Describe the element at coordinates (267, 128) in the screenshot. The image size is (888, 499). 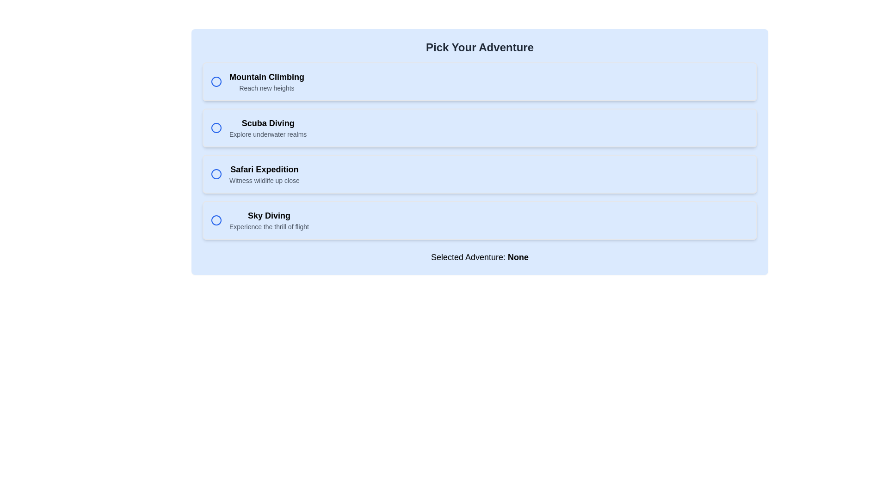
I see `the static text label for 'Scuba Diving', which is the second item under the heading 'Pick Your Adventure'` at that location.